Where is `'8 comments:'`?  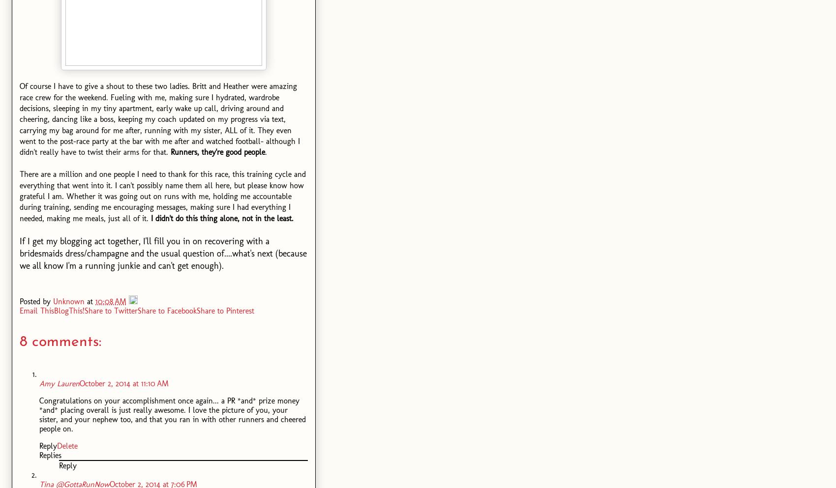
'8 comments:' is located at coordinates (60, 342).